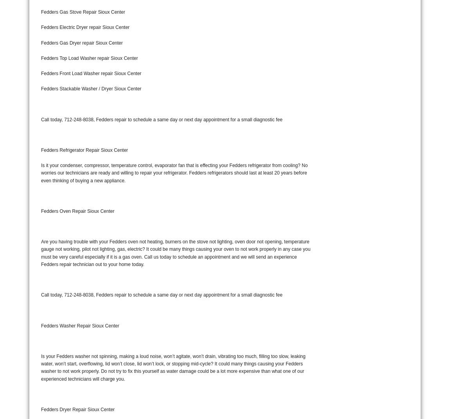 This screenshot has width=450, height=419. I want to click on 'Fedders Gas Dryer repair Sioux Center', so click(81, 43).